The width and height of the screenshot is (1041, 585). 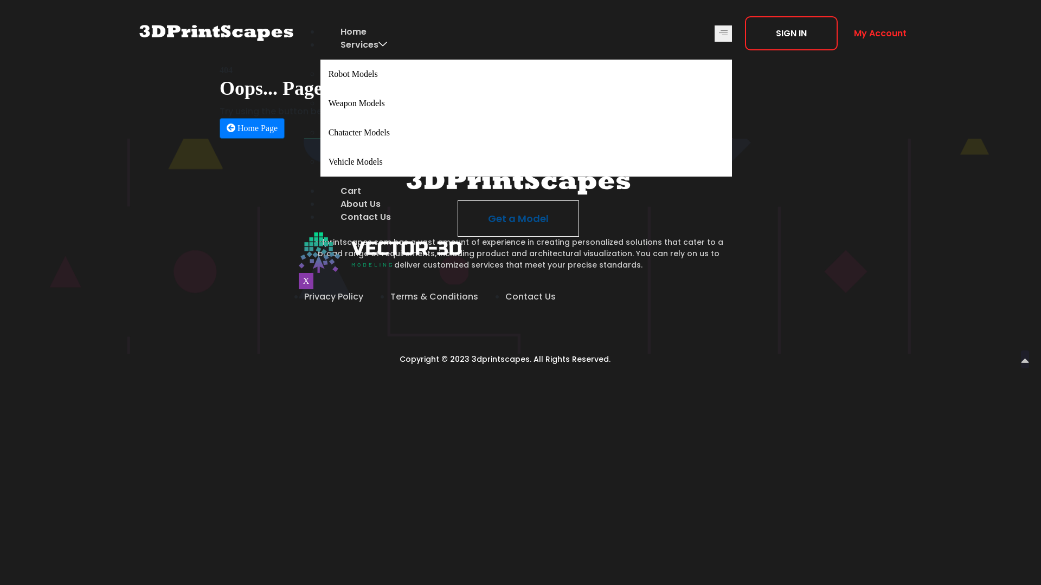 What do you see at coordinates (361, 204) in the screenshot?
I see `'About Us'` at bounding box center [361, 204].